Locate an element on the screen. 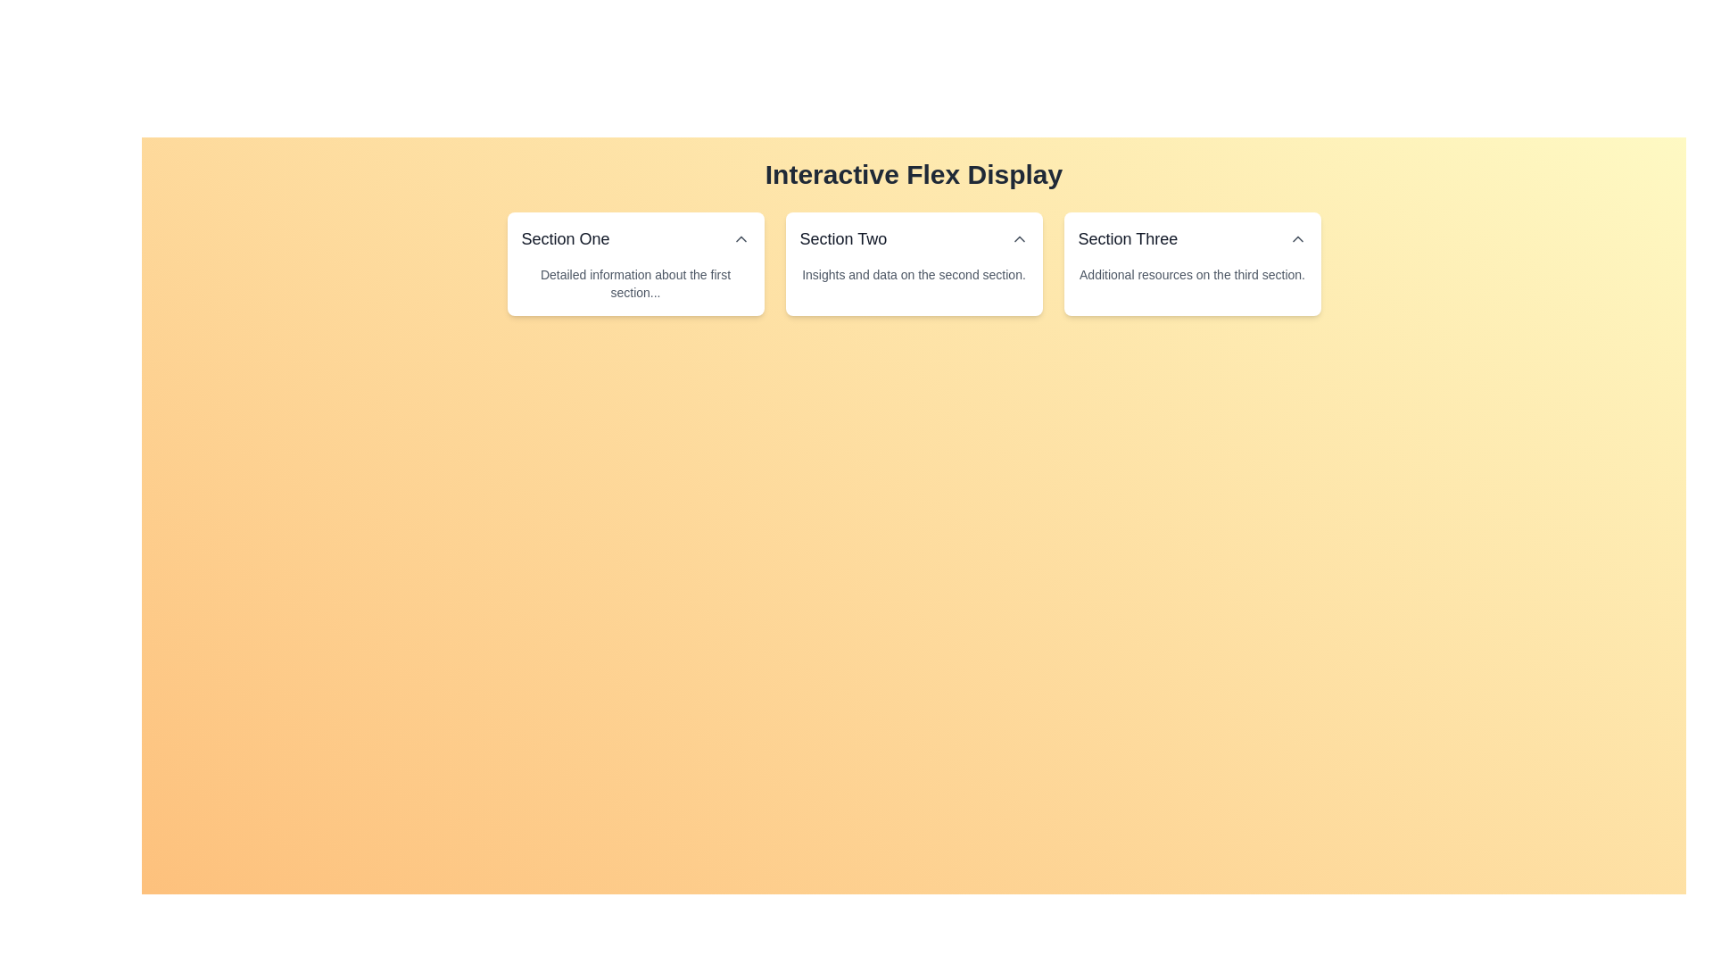  the upward-pointing chevron icon at the top-right corner of the 'Section Three' card is located at coordinates (1297, 237).